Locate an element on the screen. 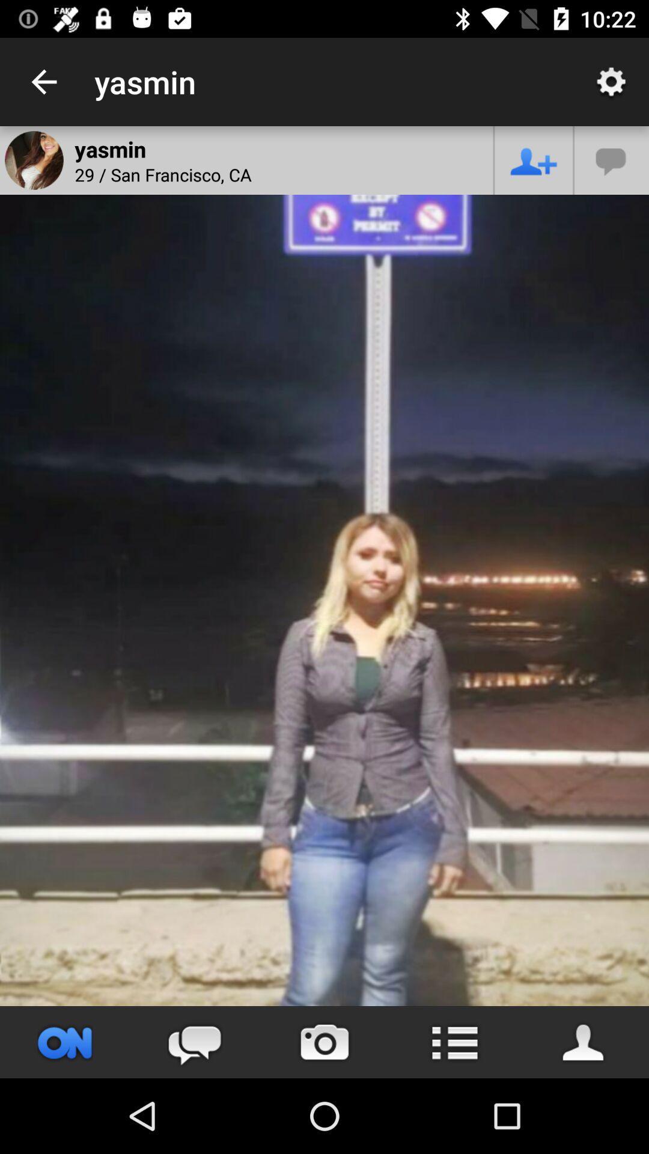 The height and width of the screenshot is (1154, 649). open list is located at coordinates (454, 1042).